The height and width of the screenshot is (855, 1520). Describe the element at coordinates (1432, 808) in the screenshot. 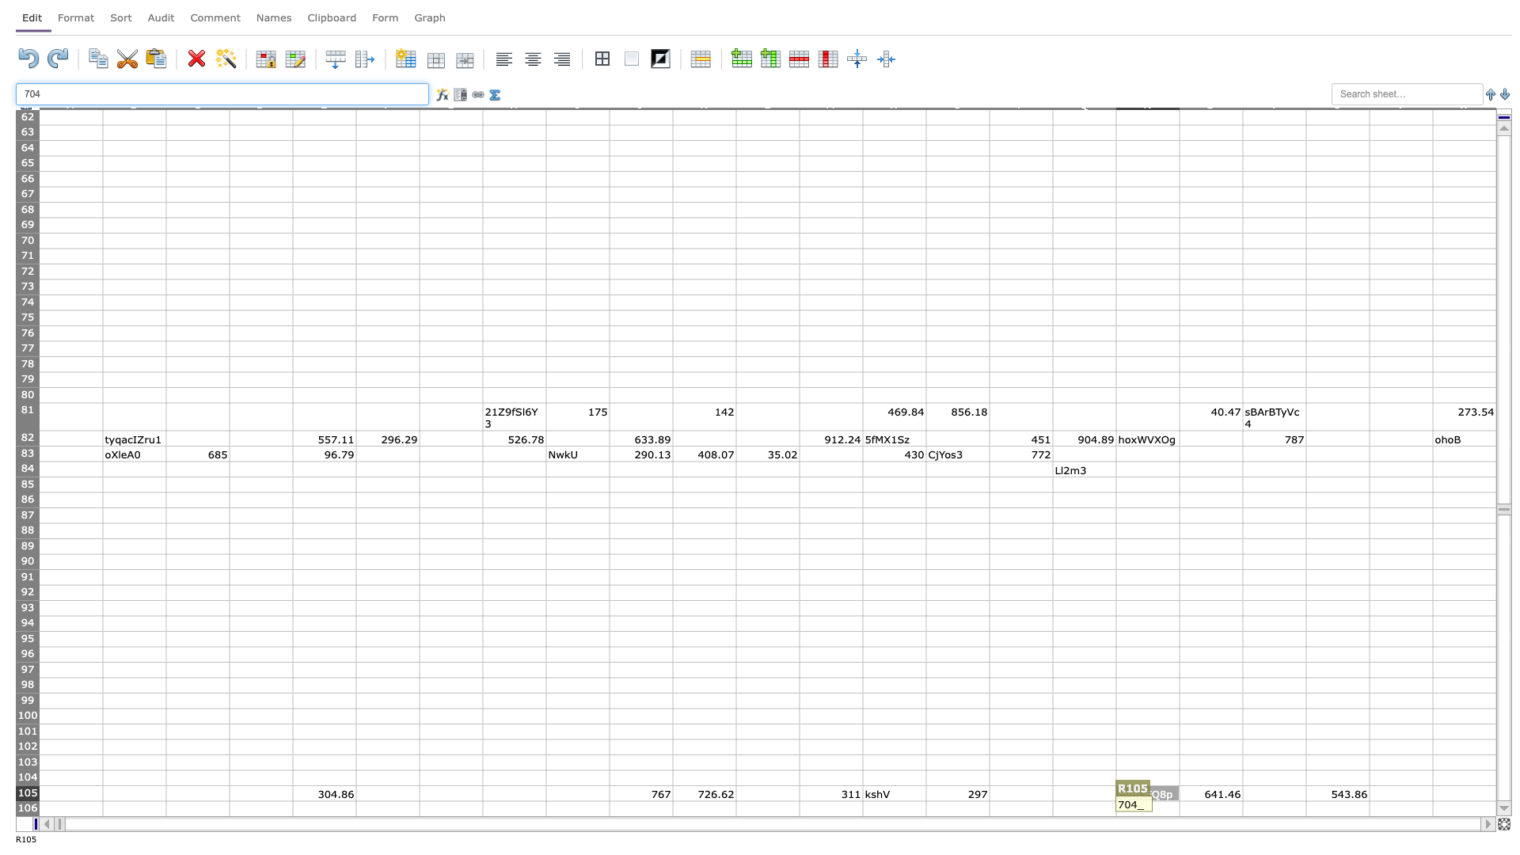

I see `Right edge of V-106` at that location.